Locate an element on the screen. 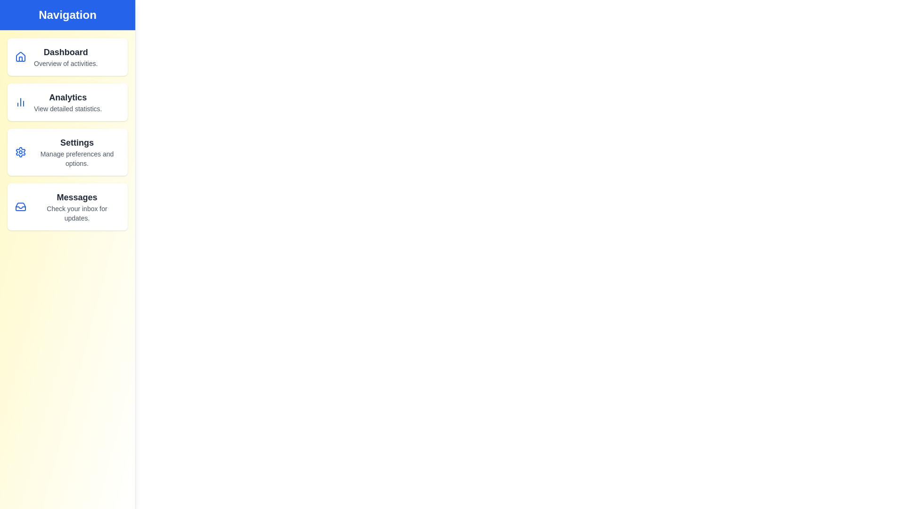 This screenshot has height=509, width=905. the navigation item Messages is located at coordinates (67, 206).